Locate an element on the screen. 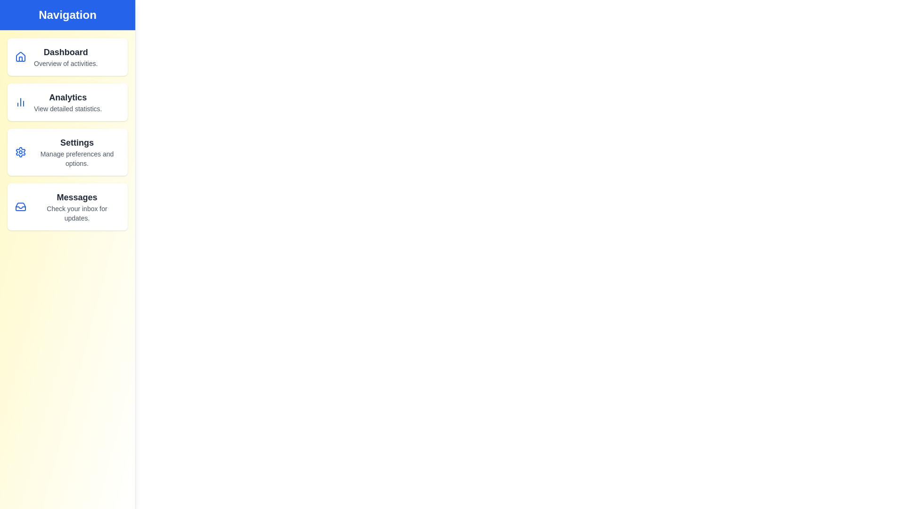 This screenshot has height=509, width=905. the navigation item Messages is located at coordinates (67, 206).